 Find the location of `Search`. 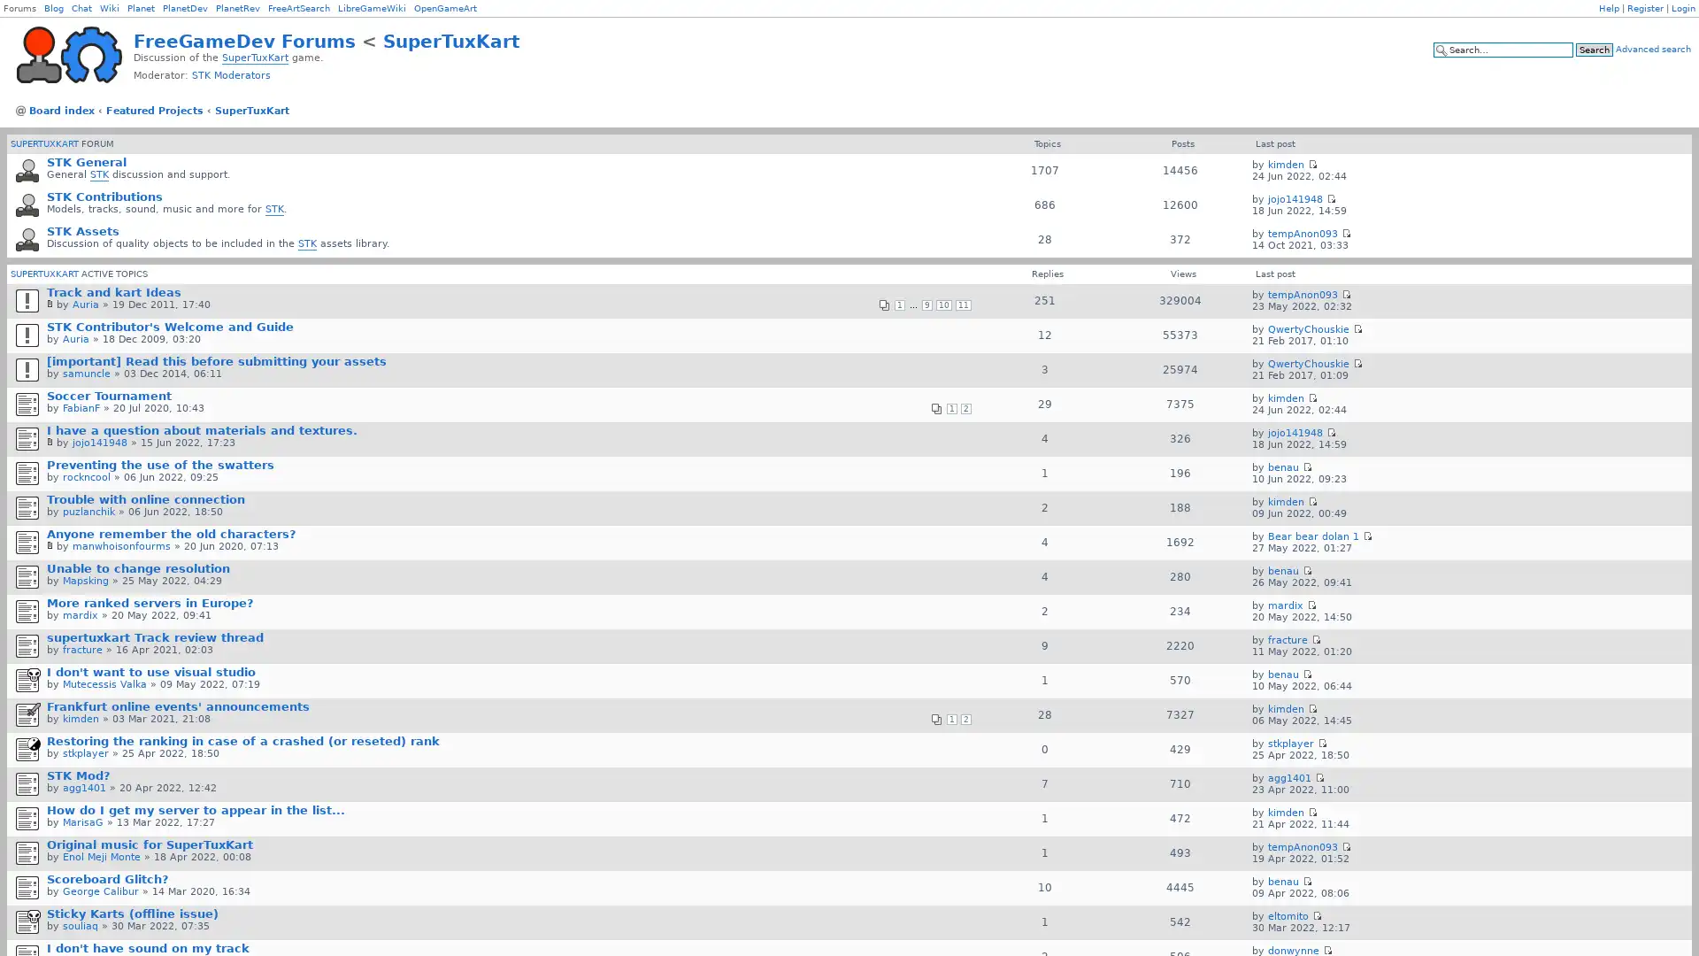

Search is located at coordinates (1594, 49).